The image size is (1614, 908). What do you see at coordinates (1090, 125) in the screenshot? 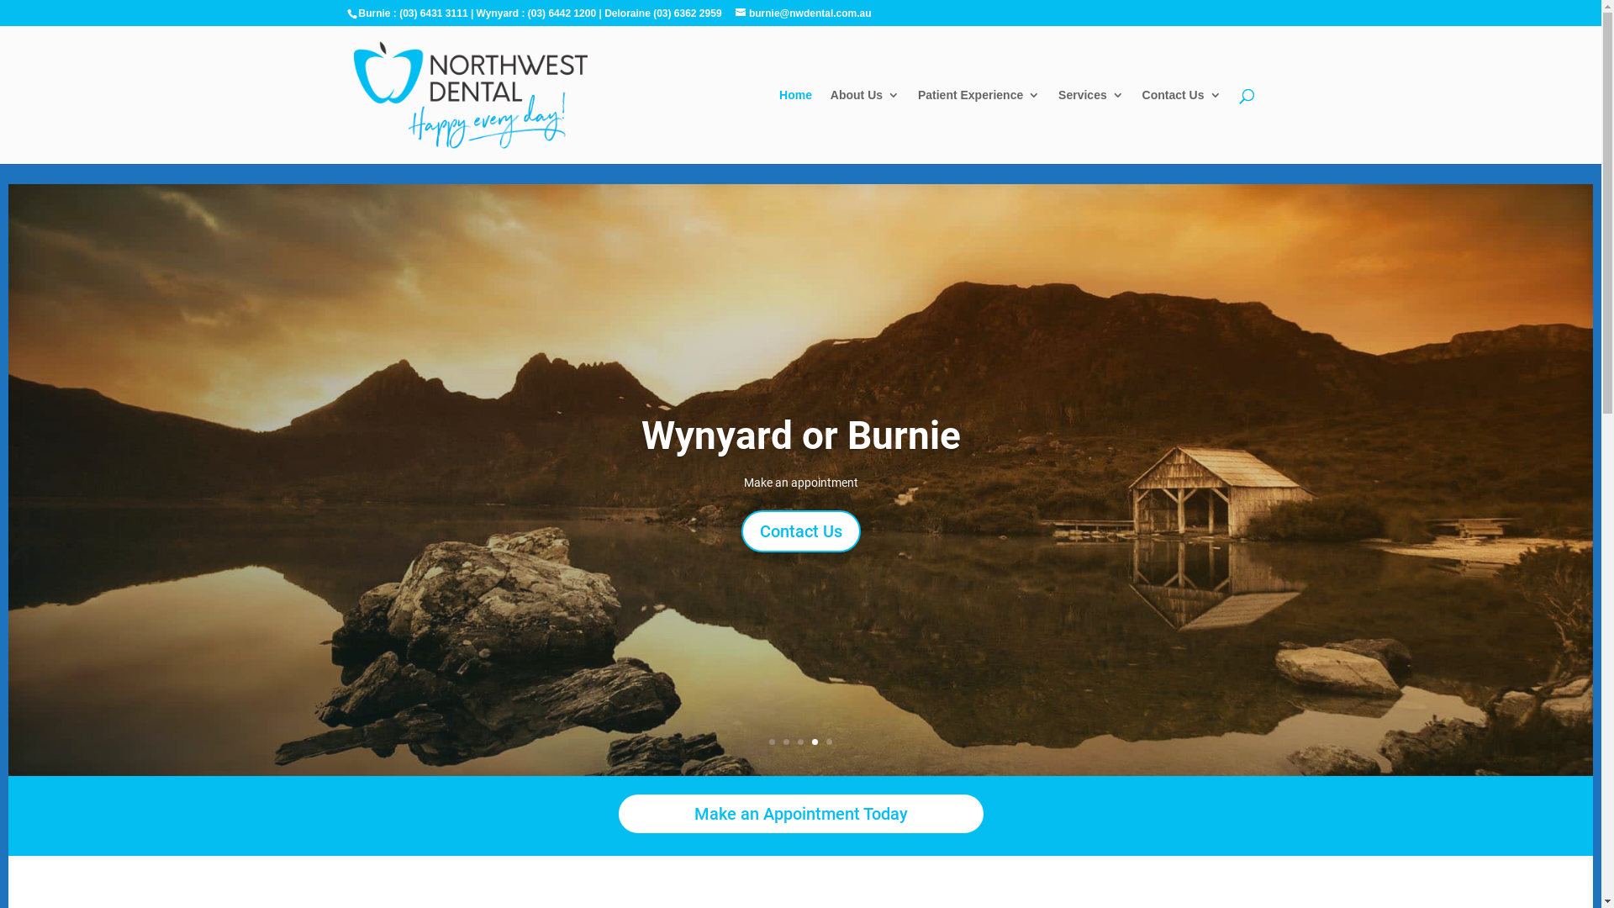
I see `'Services'` at bounding box center [1090, 125].